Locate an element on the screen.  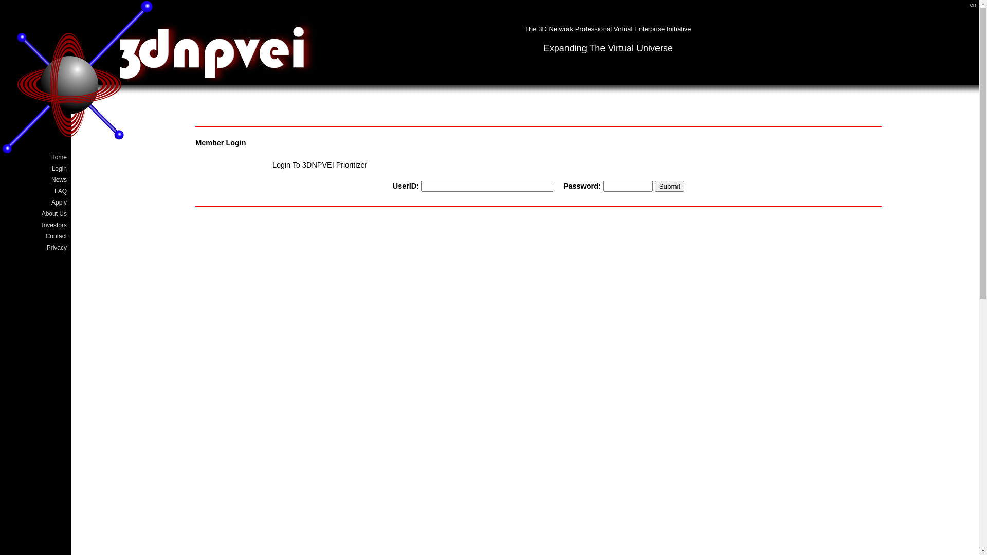
'FAQ' is located at coordinates (36, 191).